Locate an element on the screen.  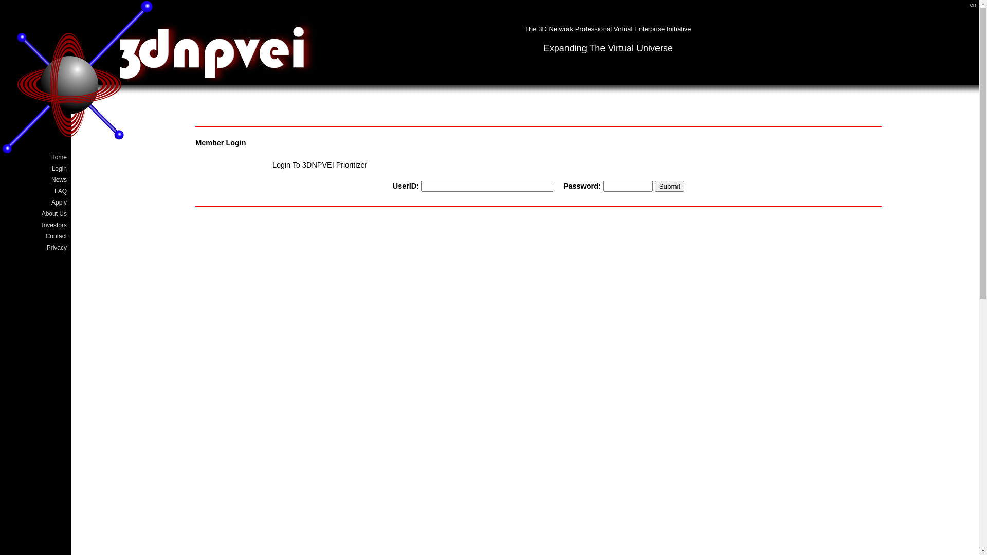
'FAQ' is located at coordinates (36, 191).